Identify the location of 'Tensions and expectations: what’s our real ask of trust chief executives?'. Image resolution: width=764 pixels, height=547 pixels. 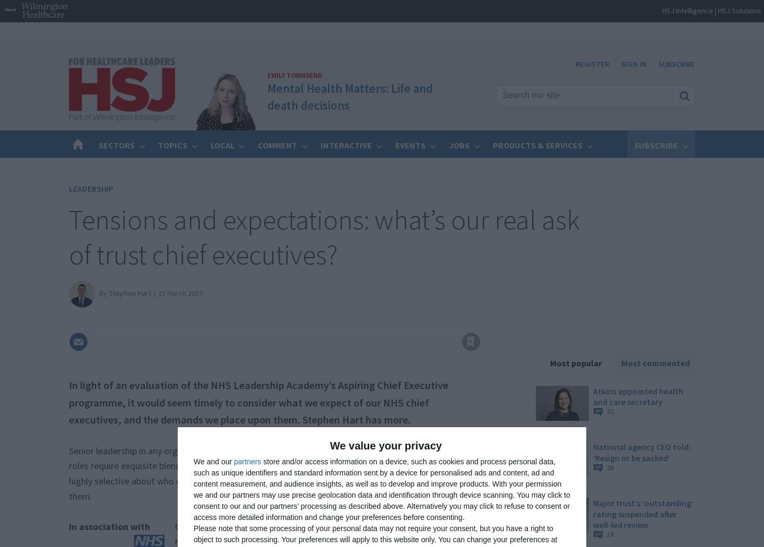
(323, 236).